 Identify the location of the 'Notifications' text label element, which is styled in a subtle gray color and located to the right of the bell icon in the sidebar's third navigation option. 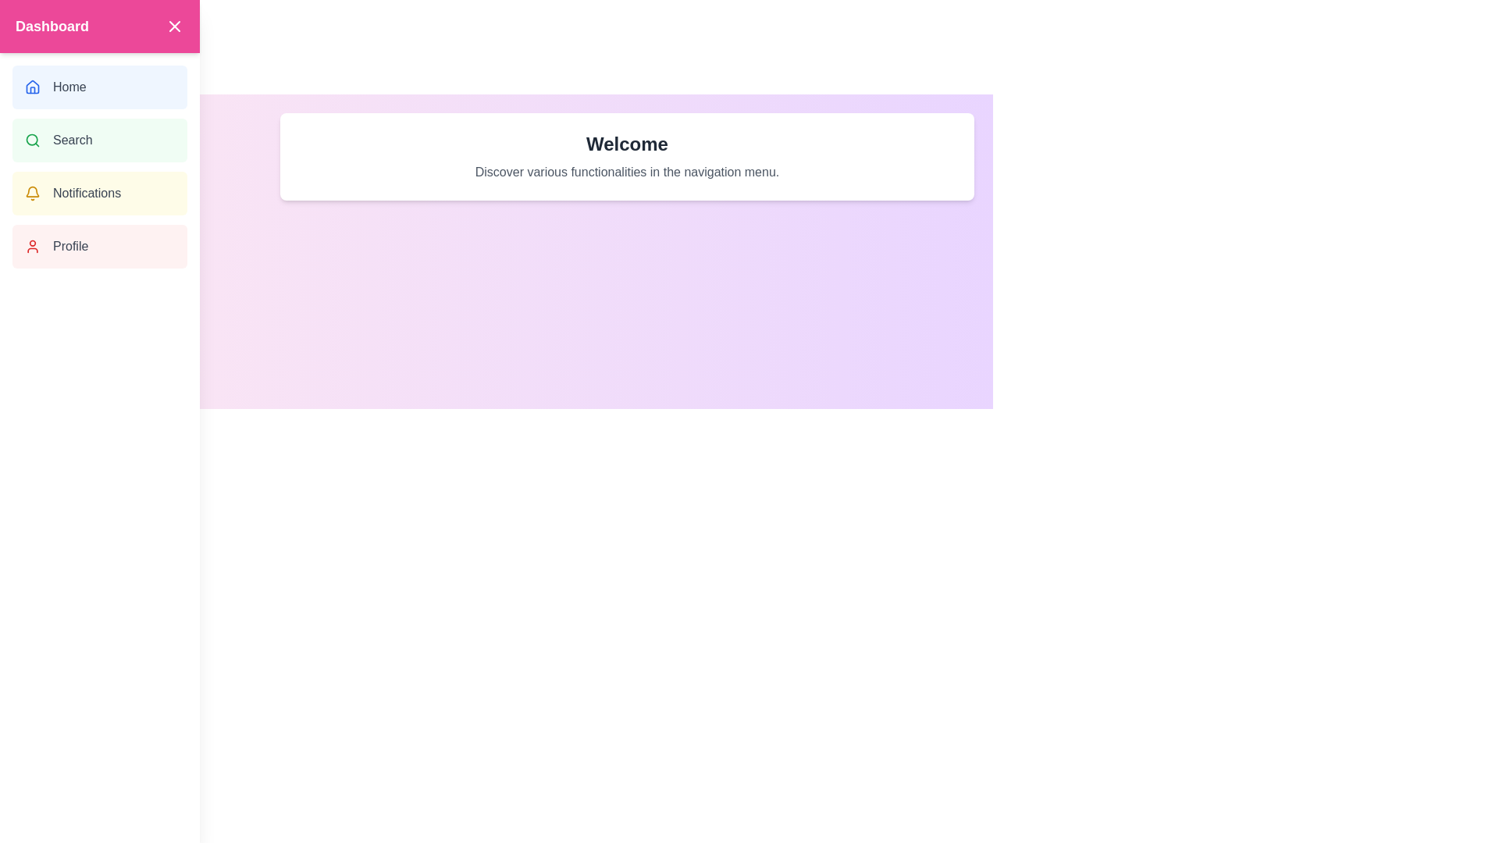
(86, 192).